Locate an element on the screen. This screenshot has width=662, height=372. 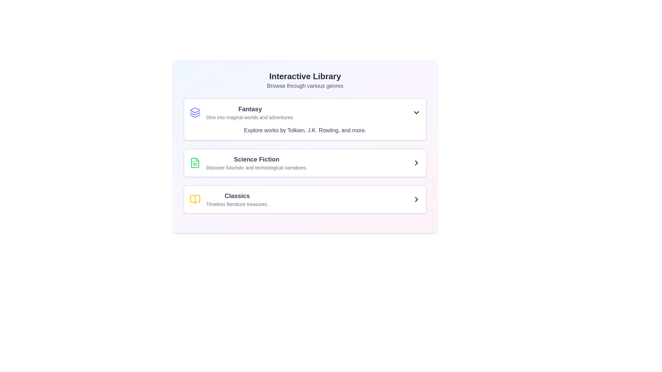
the right-pointing Chevron icon located in the top-right corner of the 'Classics' row, which serves as a navigational button for expanding details is located at coordinates (416, 199).